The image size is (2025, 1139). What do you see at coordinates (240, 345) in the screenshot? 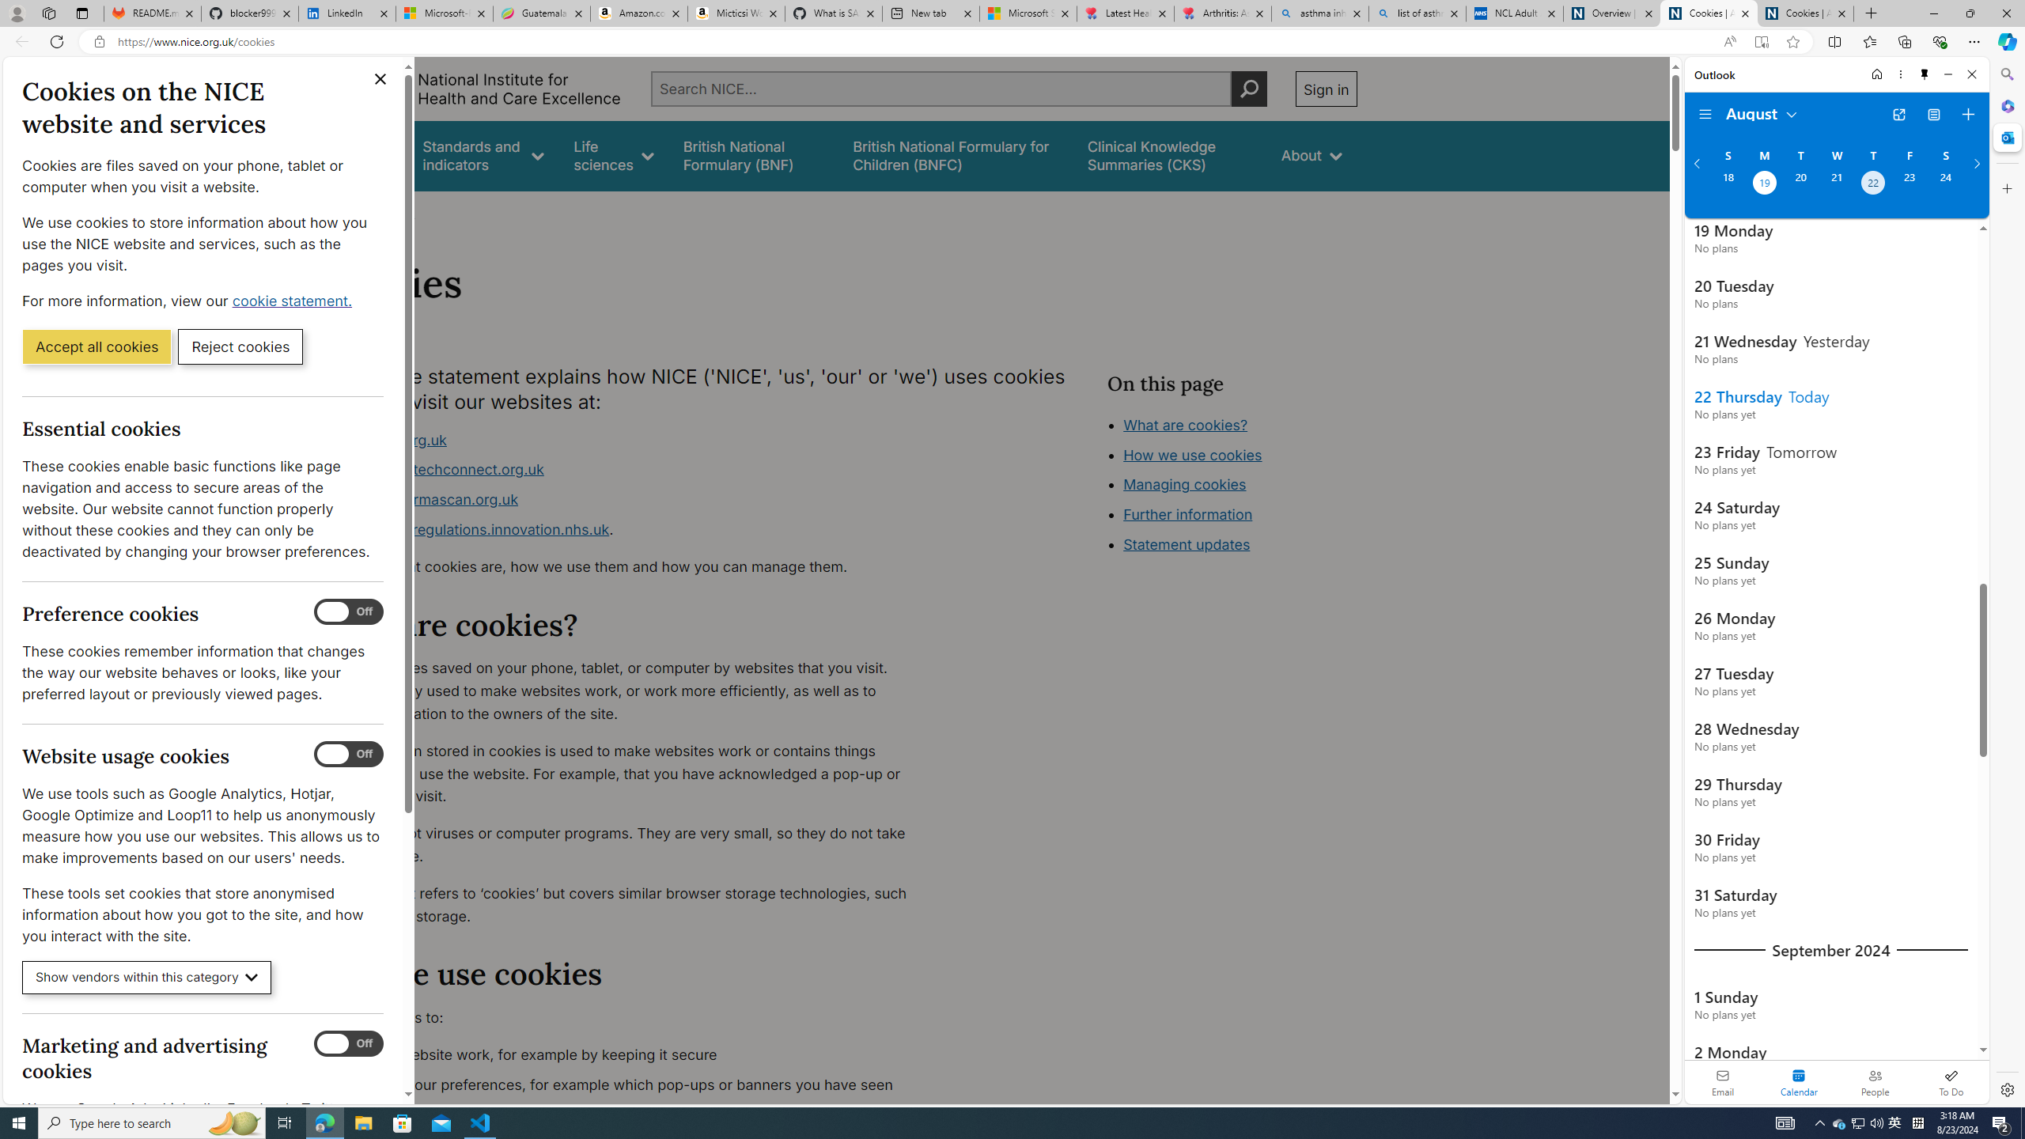
I see `'Reject cookies'` at bounding box center [240, 345].